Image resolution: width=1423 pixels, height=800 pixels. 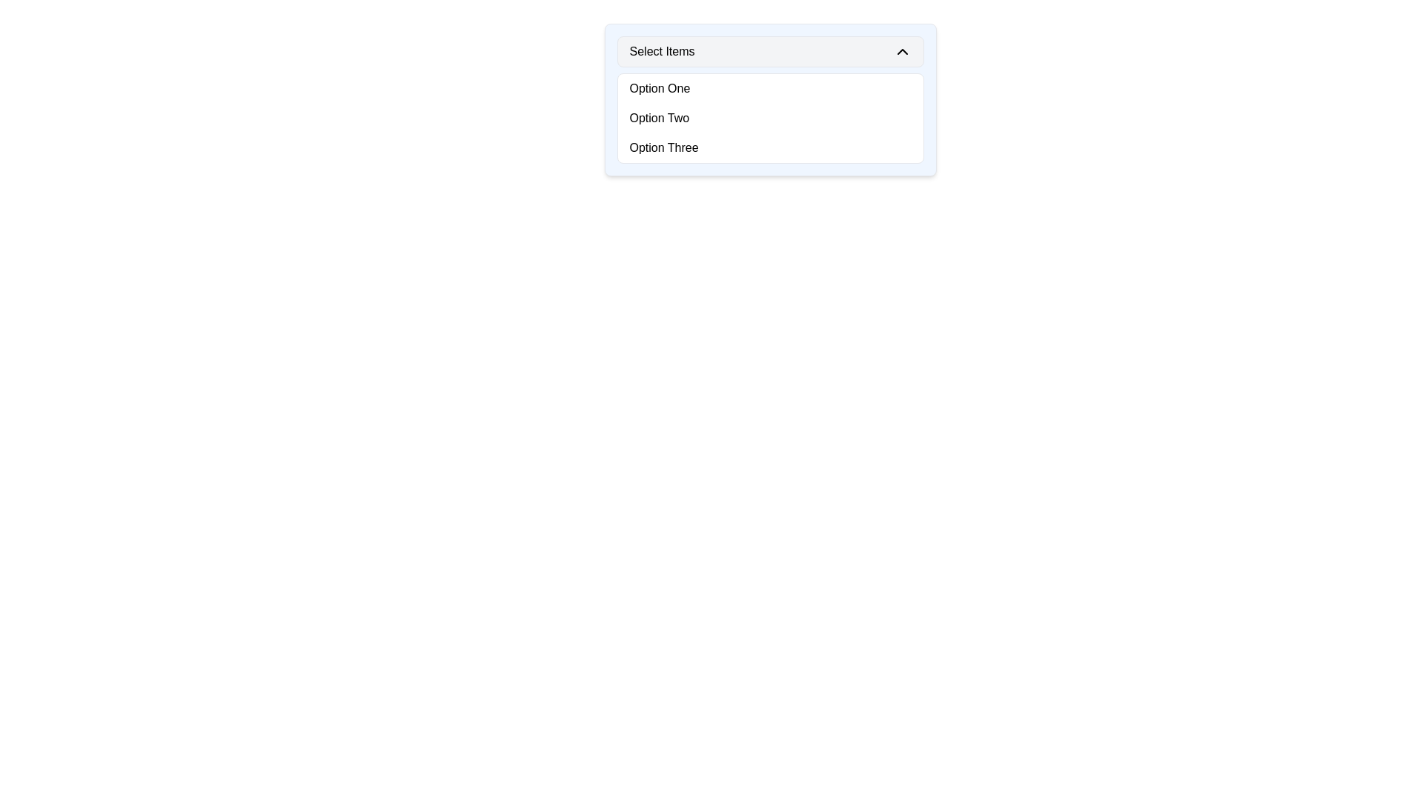 What do you see at coordinates (770, 117) in the screenshot?
I see `the selectable option labeled 'Option Two' in the dropdown list` at bounding box center [770, 117].